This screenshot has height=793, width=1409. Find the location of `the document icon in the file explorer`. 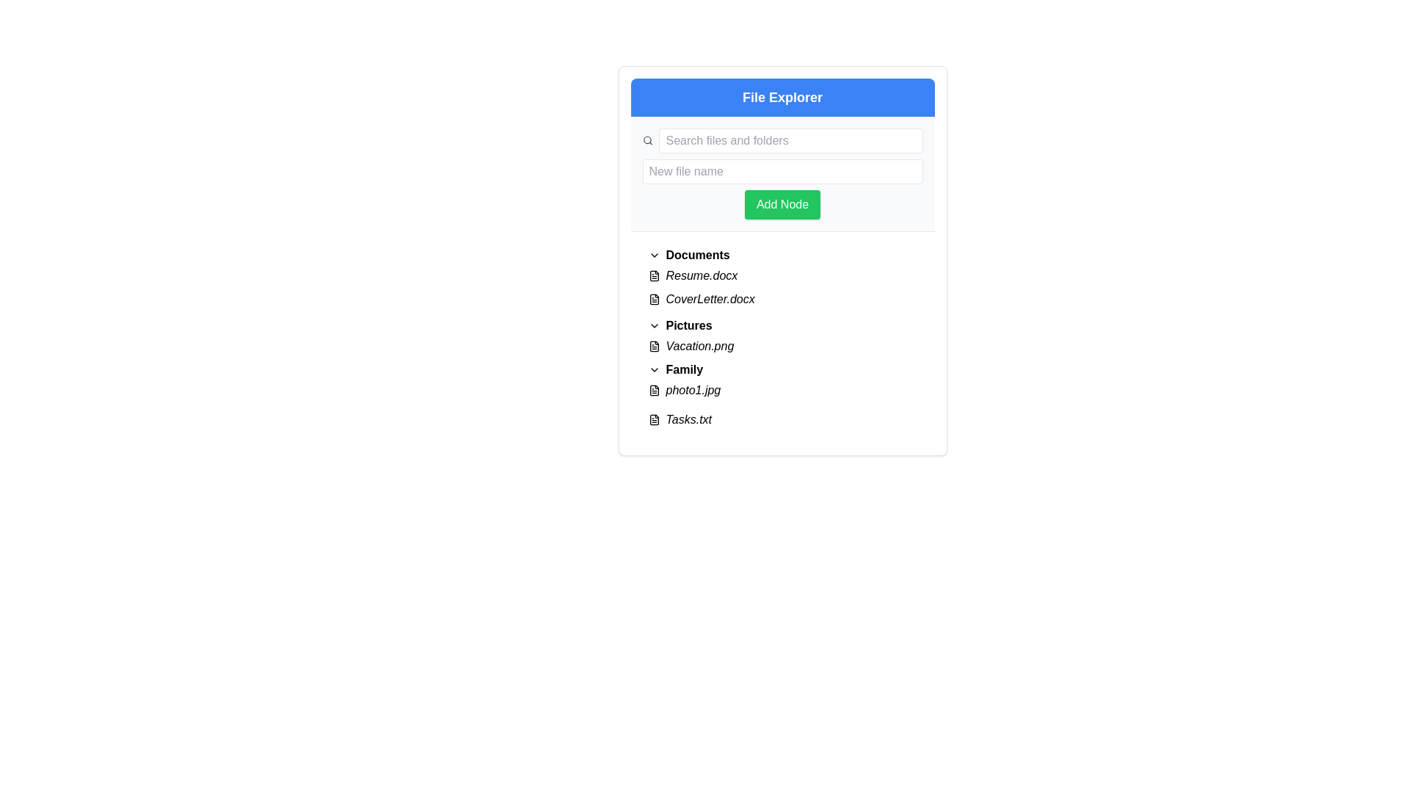

the document icon in the file explorer is located at coordinates (653, 299).